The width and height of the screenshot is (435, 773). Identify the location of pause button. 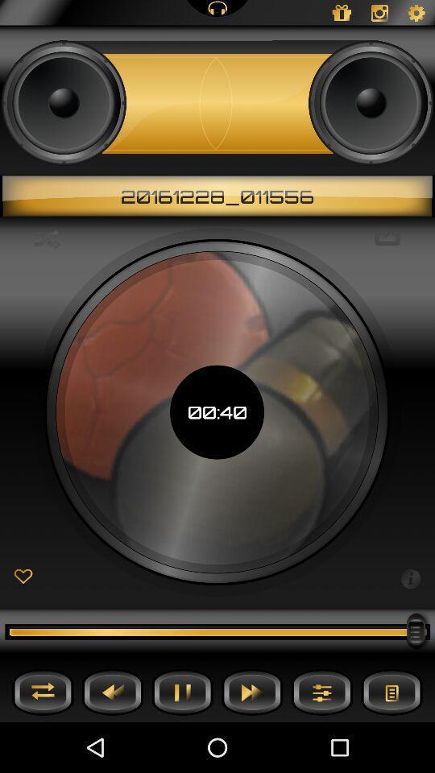
(181, 691).